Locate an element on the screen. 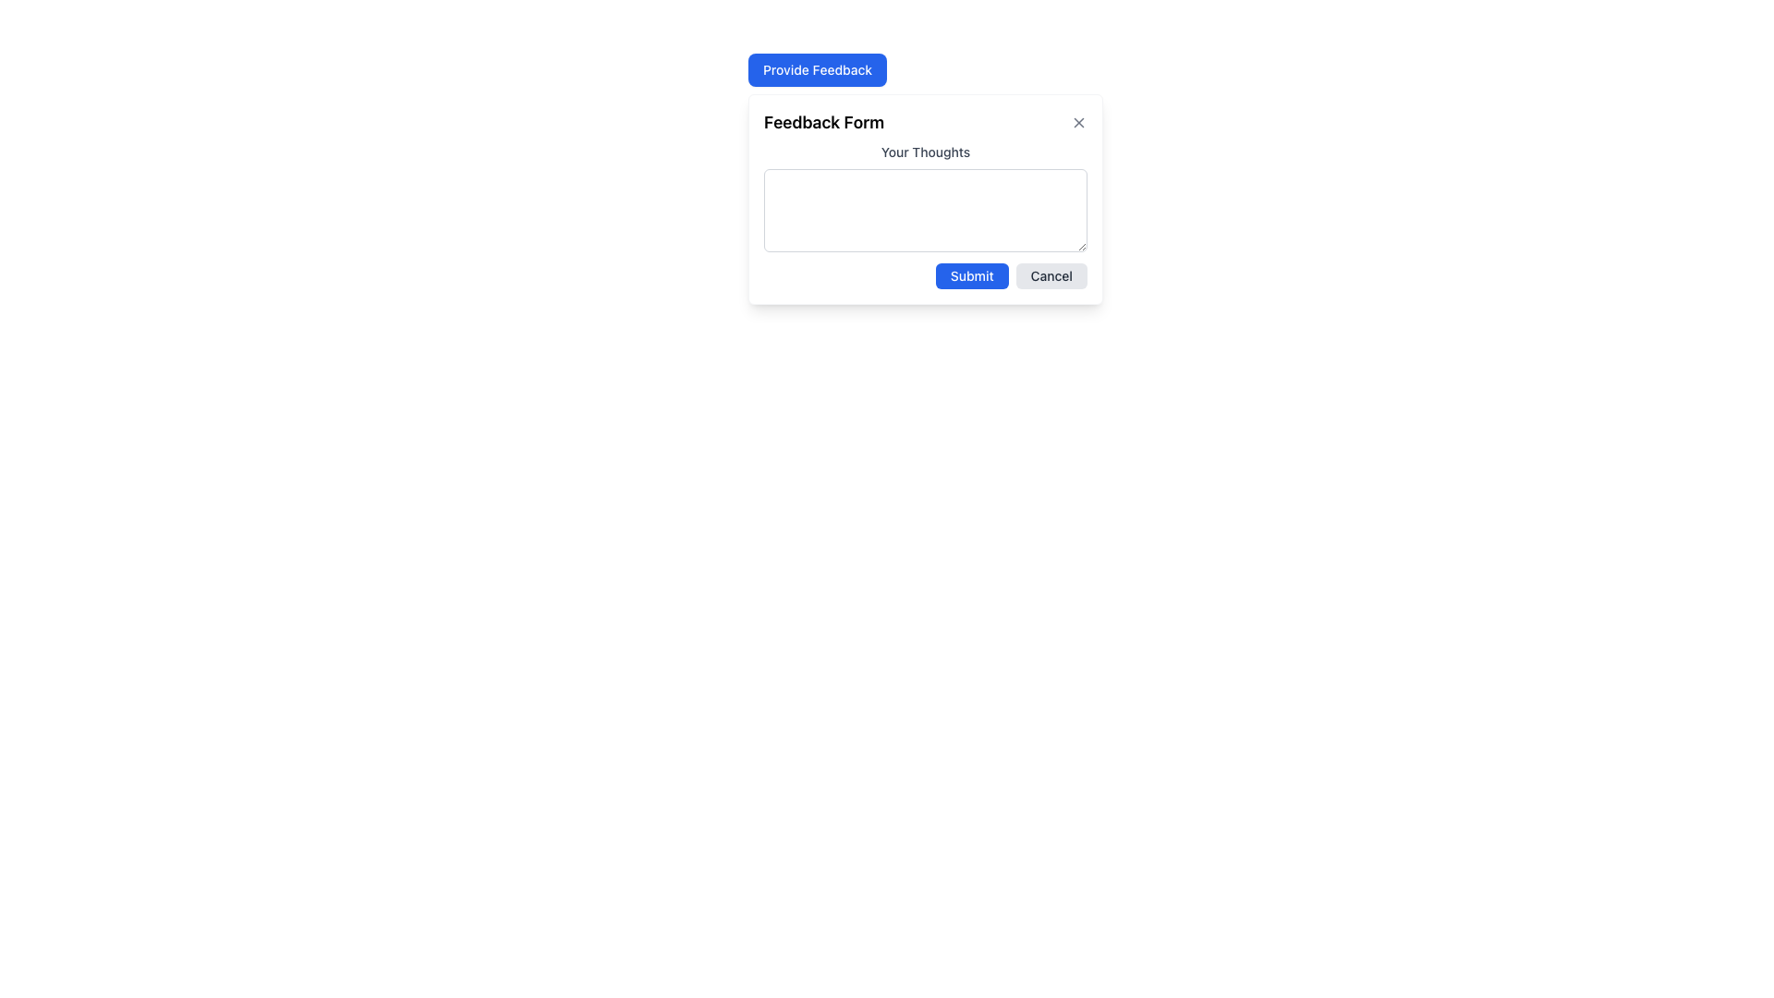 This screenshot has height=998, width=1774. the close button located at the far right of the feedback form header is located at coordinates (1078, 122).